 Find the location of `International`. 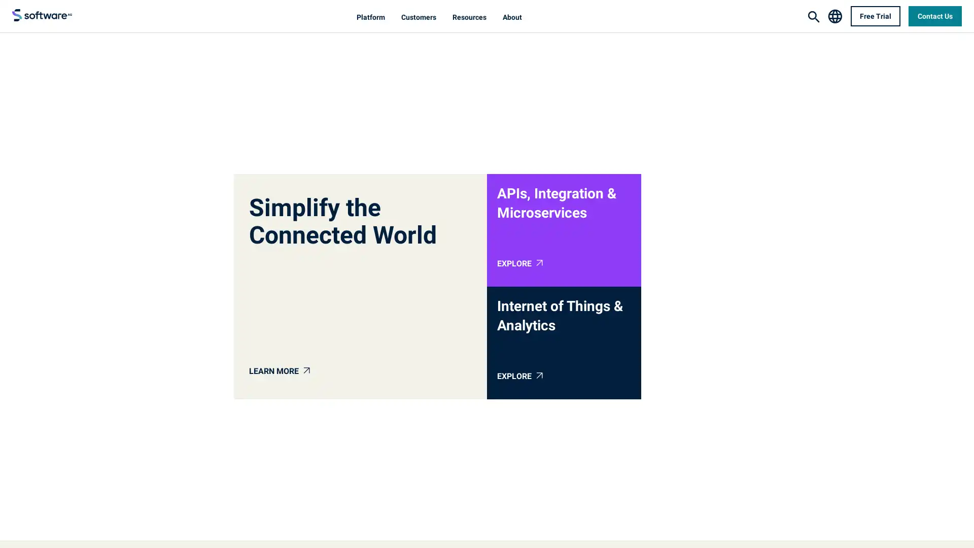

International is located at coordinates (834, 15).